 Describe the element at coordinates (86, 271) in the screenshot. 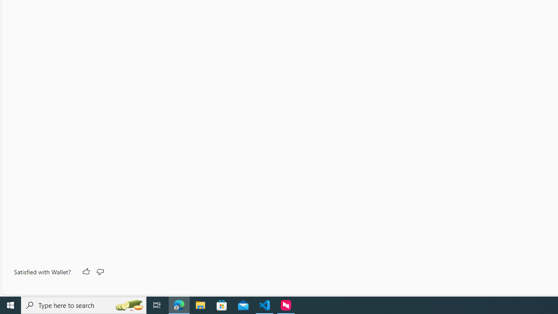

I see `'Like'` at that location.